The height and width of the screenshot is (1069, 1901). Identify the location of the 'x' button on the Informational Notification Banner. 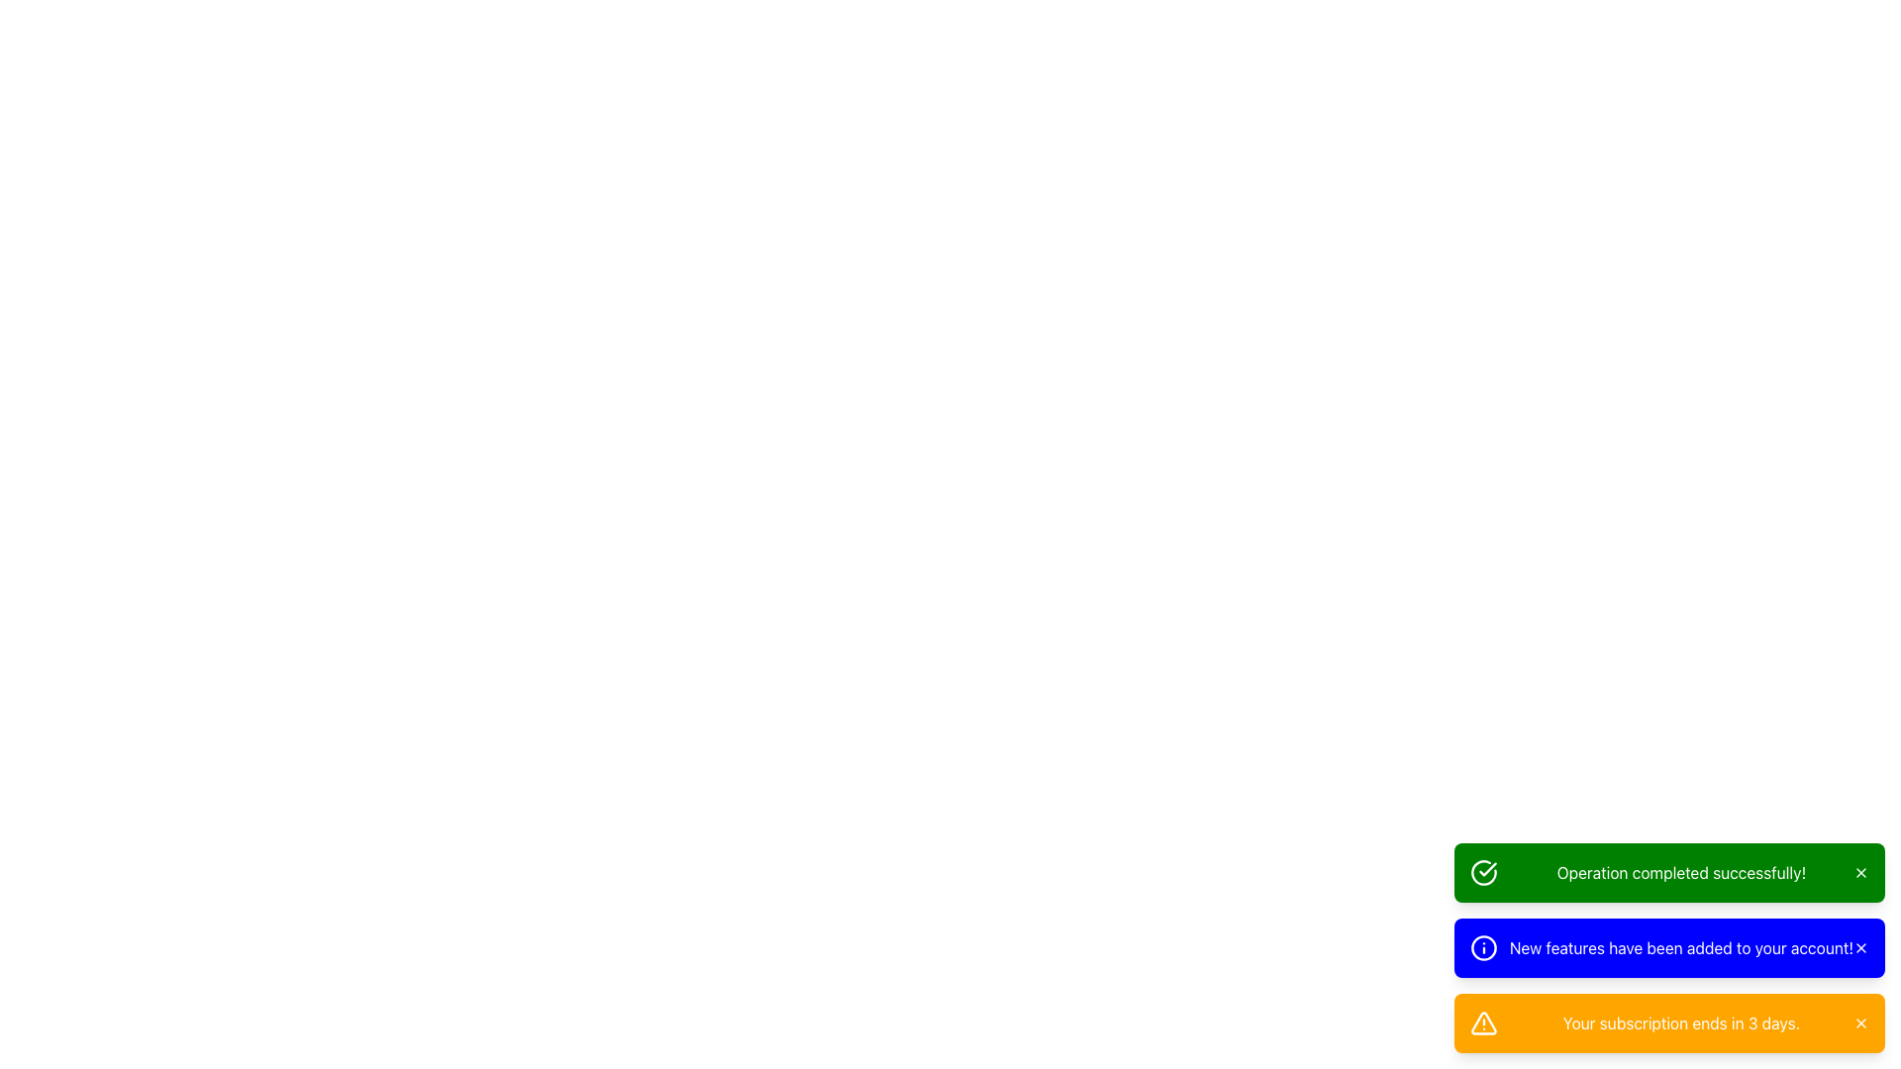
(1668, 946).